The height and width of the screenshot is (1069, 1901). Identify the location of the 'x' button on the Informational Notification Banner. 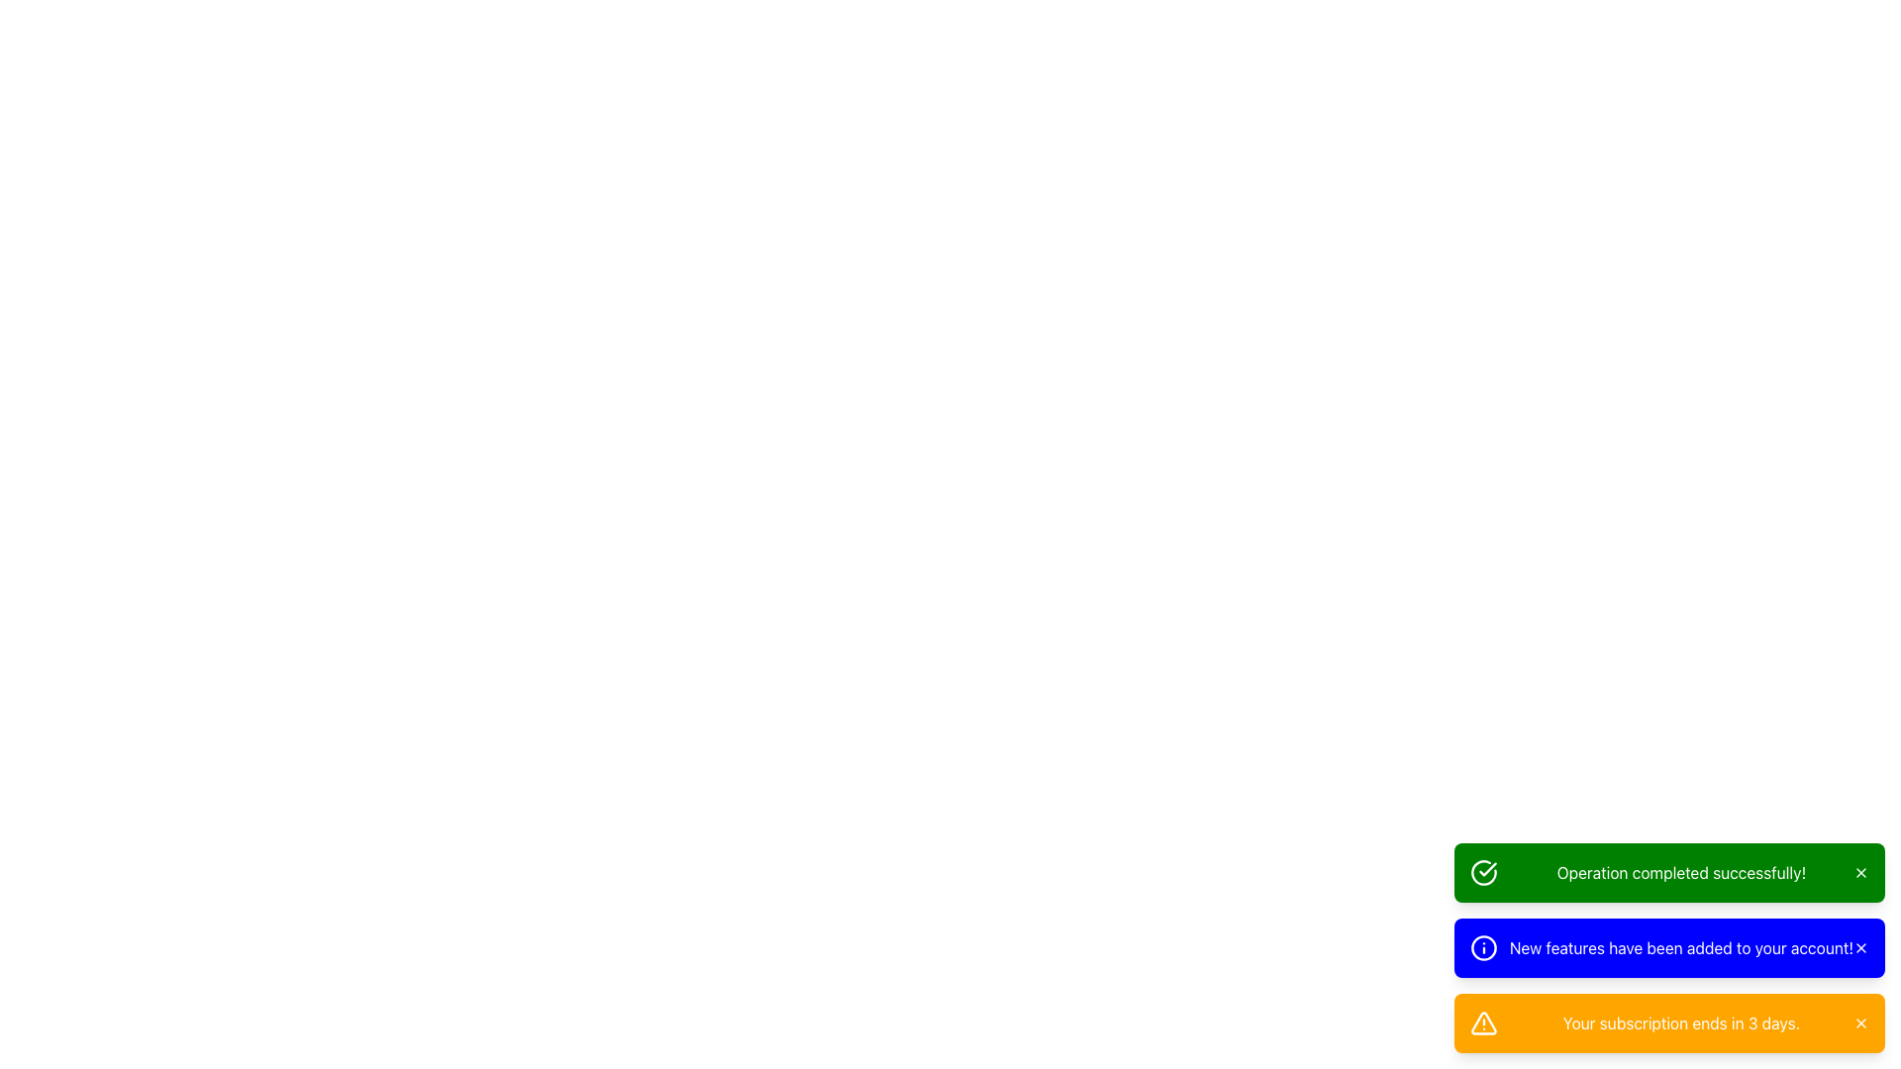
(1668, 946).